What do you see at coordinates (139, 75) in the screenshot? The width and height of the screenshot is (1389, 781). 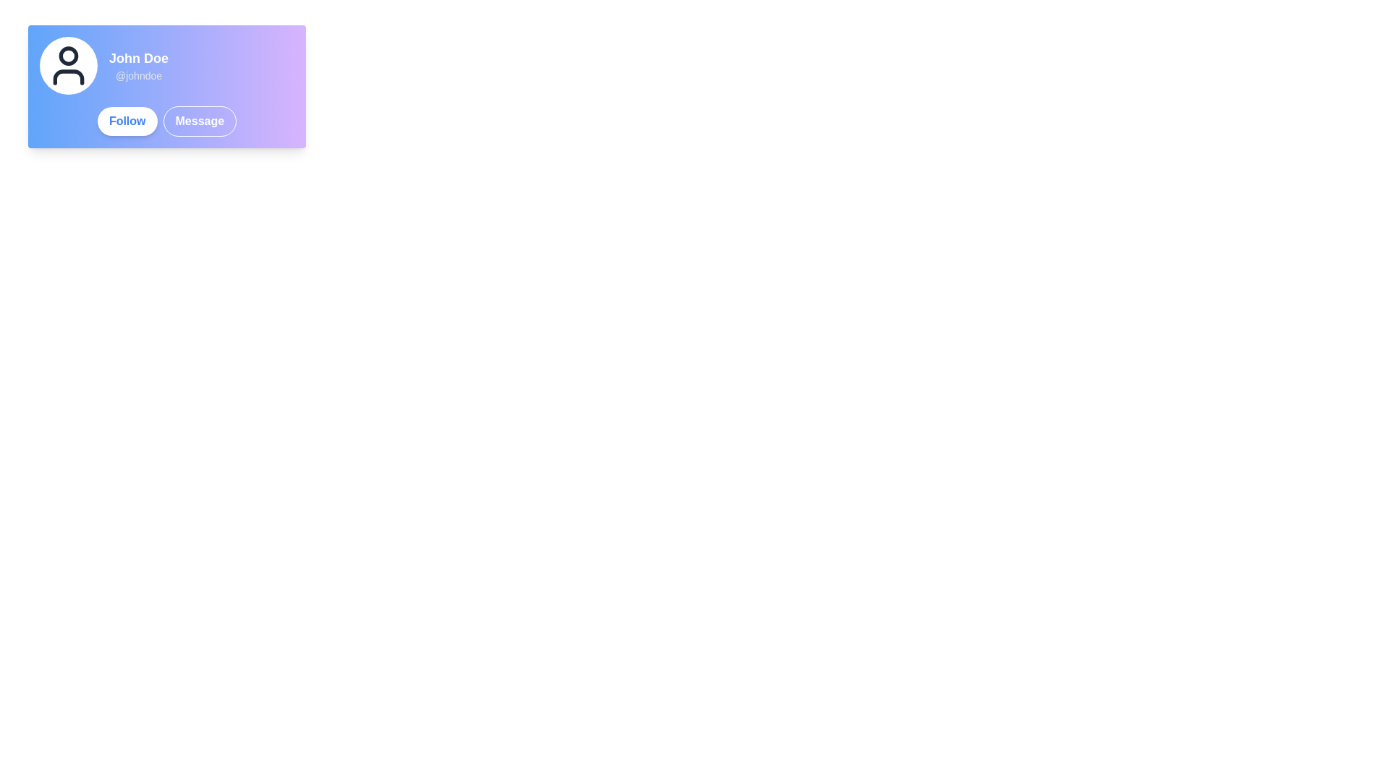 I see `the text display element '@johndoe' located within the blue-to-purple gradient card for profile navigation` at bounding box center [139, 75].